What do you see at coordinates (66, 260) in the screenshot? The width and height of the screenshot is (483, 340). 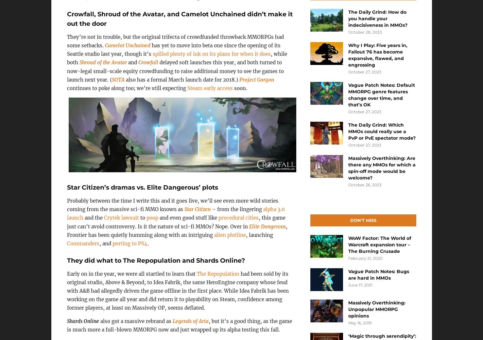 I see `'They did what to The Repopulation and Shards Online?'` at bounding box center [66, 260].